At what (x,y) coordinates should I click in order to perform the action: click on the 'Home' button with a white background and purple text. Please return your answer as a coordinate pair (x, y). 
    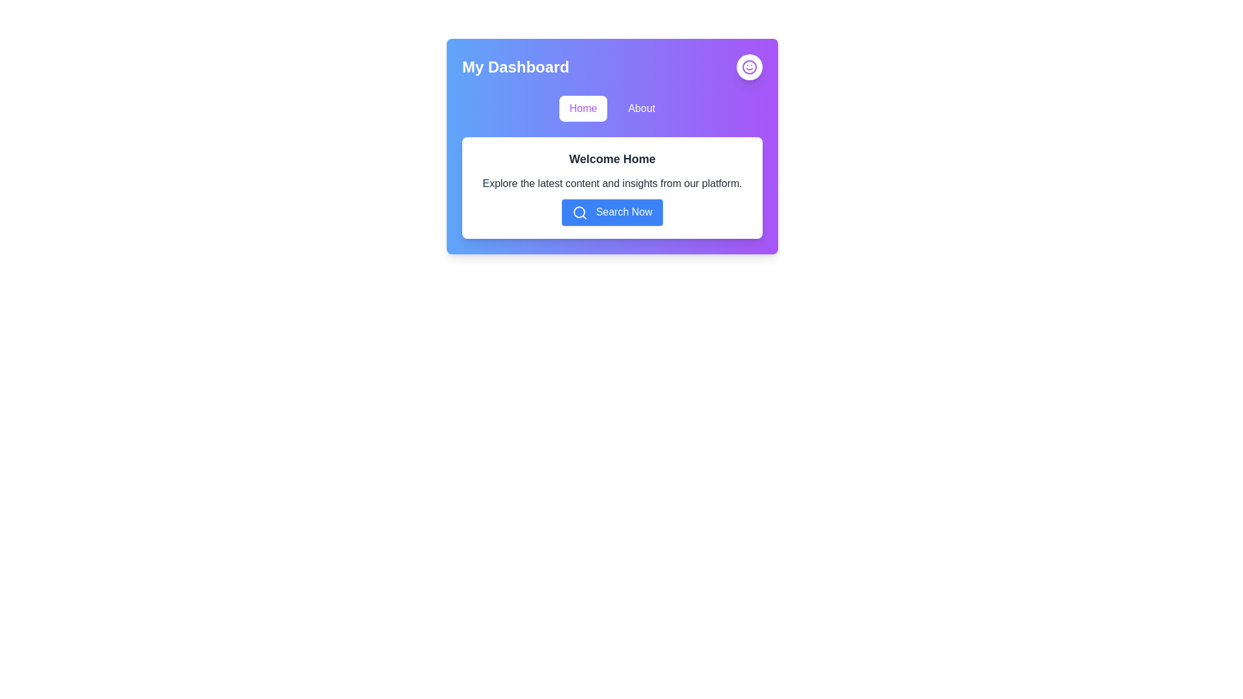
    Looking at the image, I should click on (583, 108).